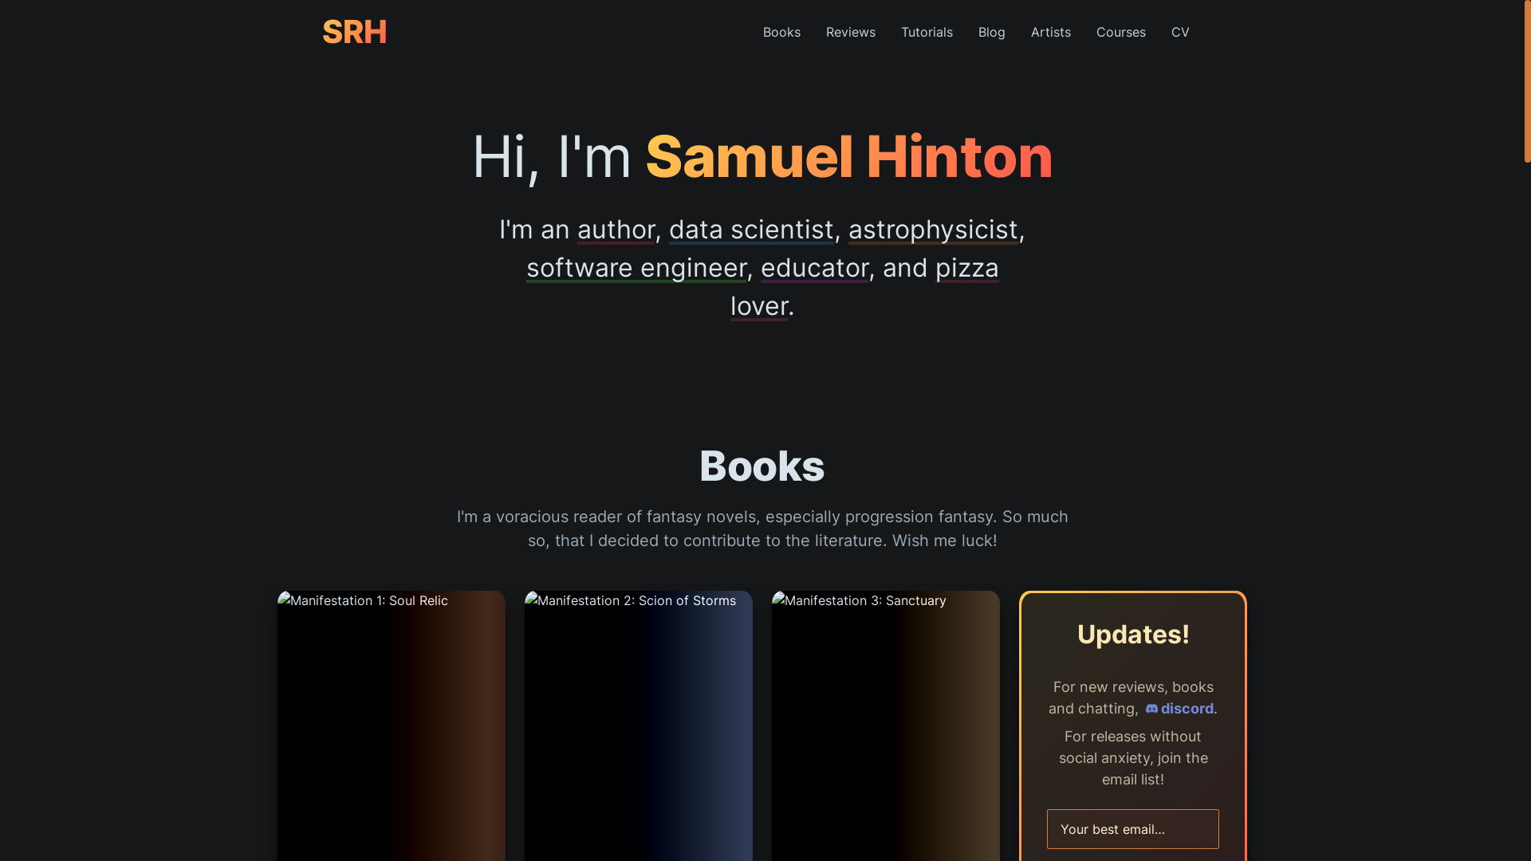 The height and width of the screenshot is (861, 1531). I want to click on 'author', so click(615, 229).